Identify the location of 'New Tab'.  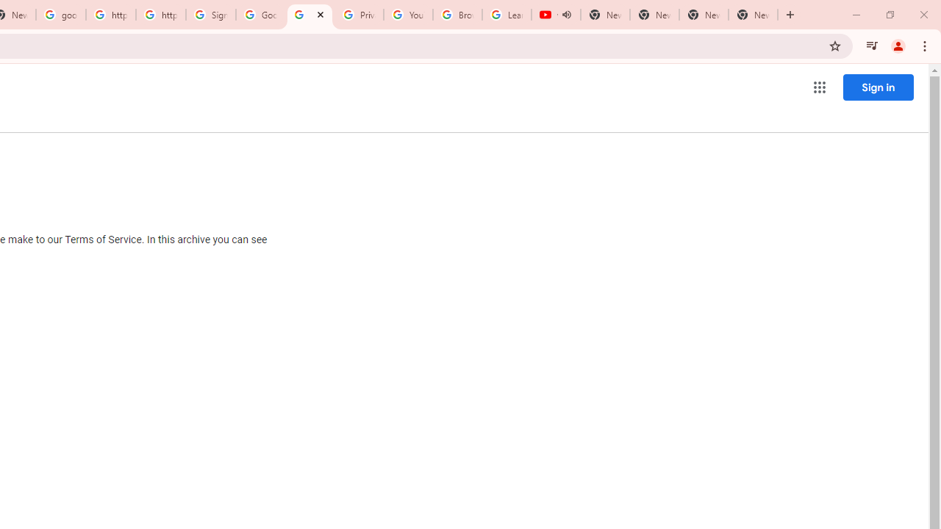
(753, 15).